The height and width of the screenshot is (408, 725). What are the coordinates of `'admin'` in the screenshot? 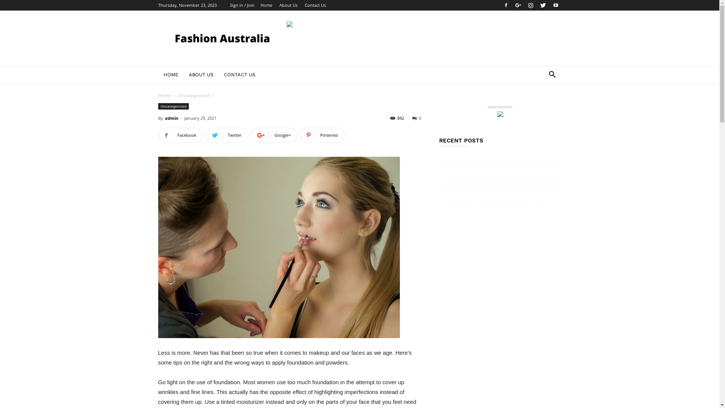 It's located at (171, 118).